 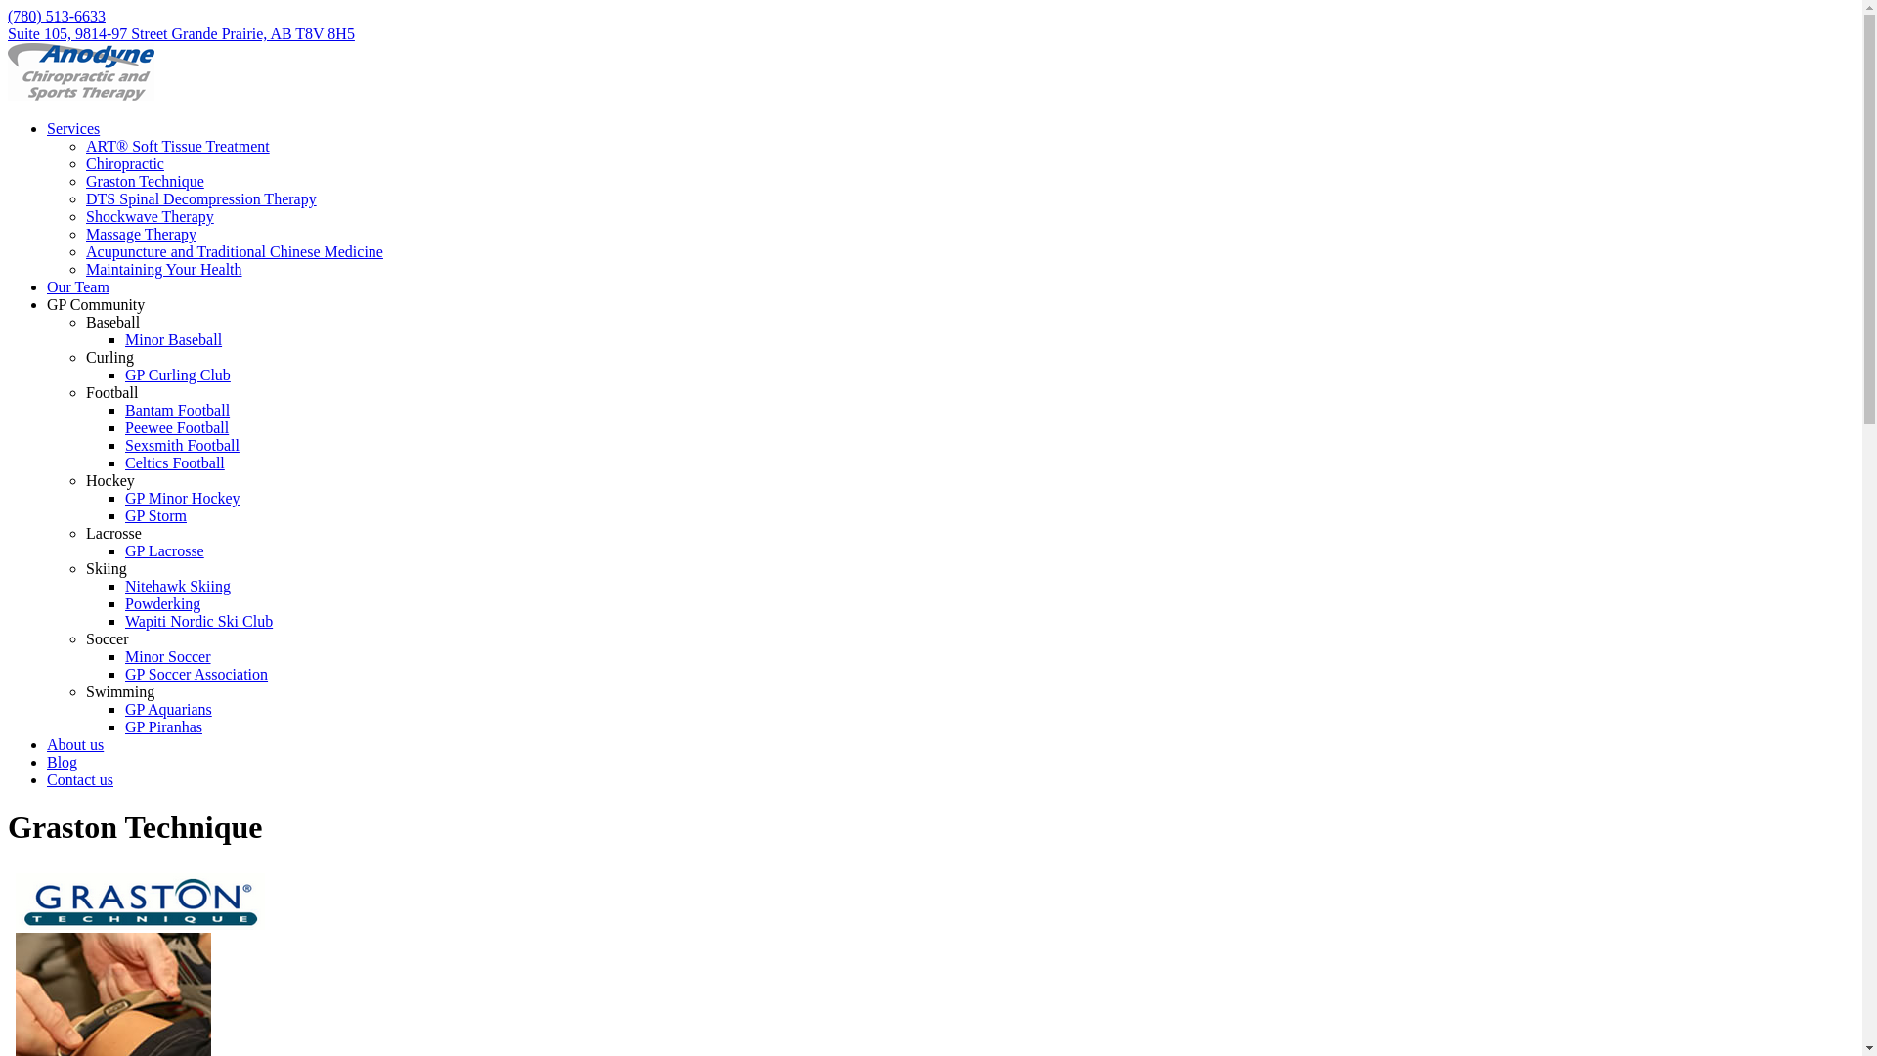 What do you see at coordinates (110, 392) in the screenshot?
I see `'Football'` at bounding box center [110, 392].